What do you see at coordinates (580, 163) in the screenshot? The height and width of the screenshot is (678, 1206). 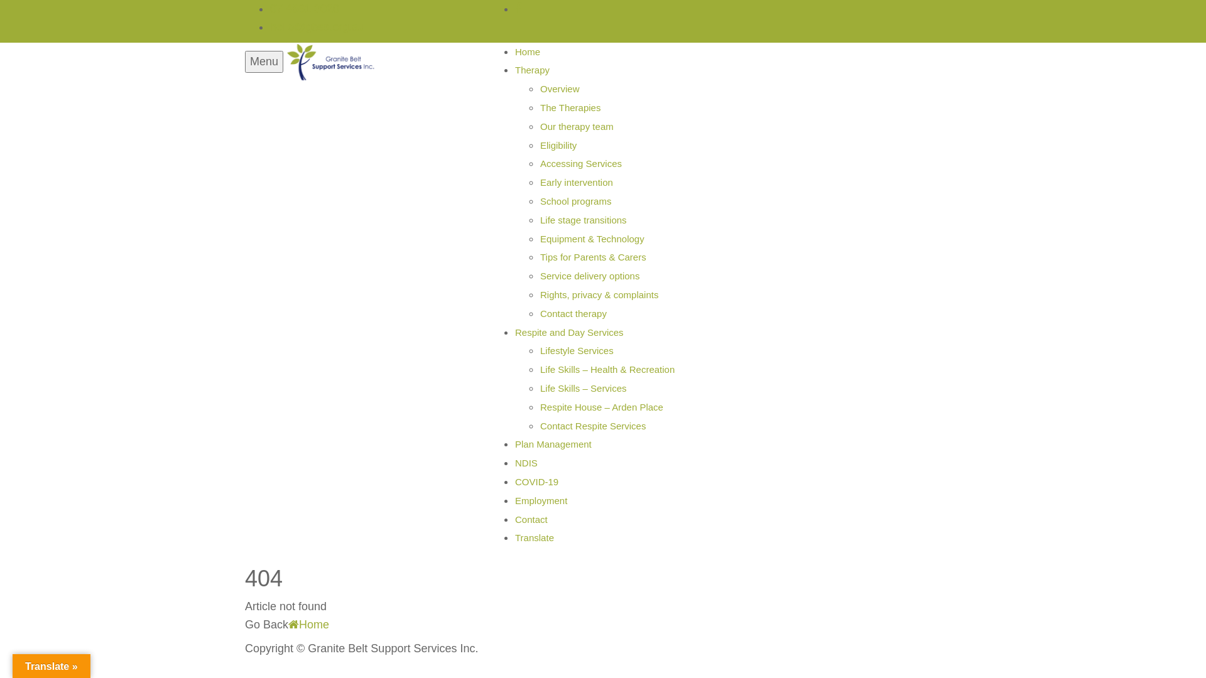 I see `'Accessing Services'` at bounding box center [580, 163].